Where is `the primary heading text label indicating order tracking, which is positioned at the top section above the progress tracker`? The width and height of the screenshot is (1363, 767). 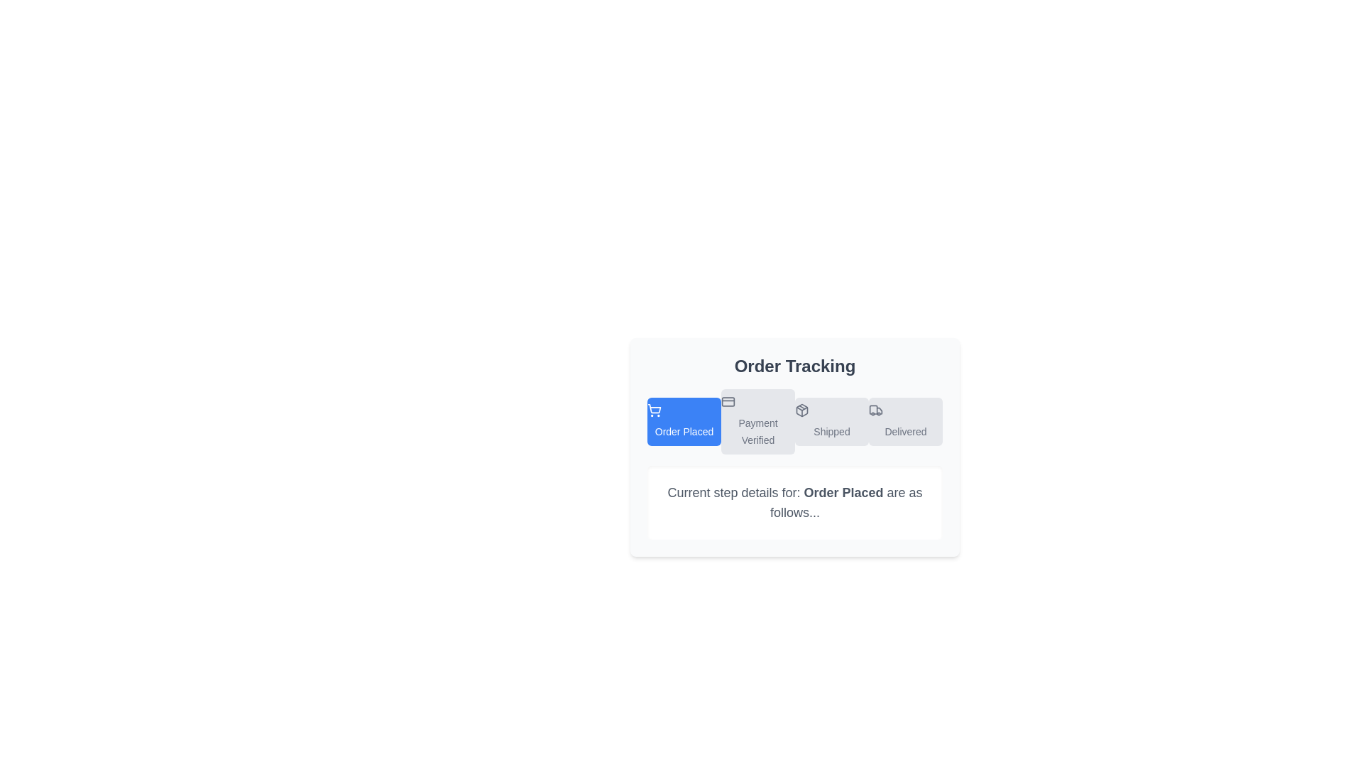
the primary heading text label indicating order tracking, which is positioned at the top section above the progress tracker is located at coordinates (794, 366).